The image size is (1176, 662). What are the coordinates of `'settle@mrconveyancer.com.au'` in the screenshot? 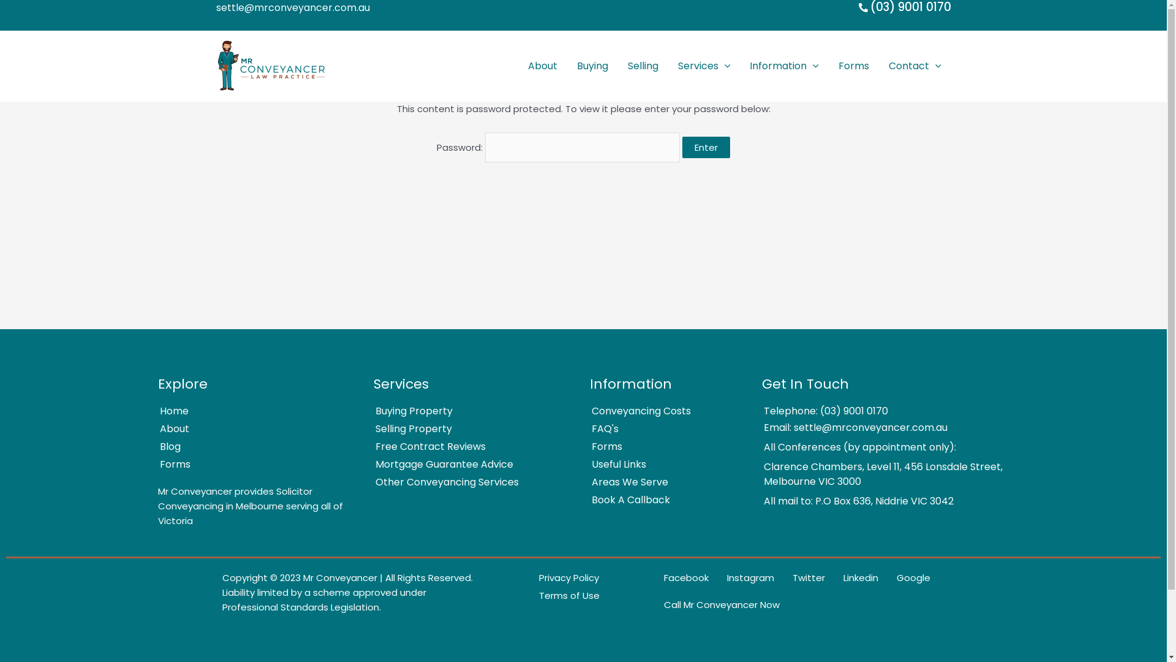 It's located at (292, 7).